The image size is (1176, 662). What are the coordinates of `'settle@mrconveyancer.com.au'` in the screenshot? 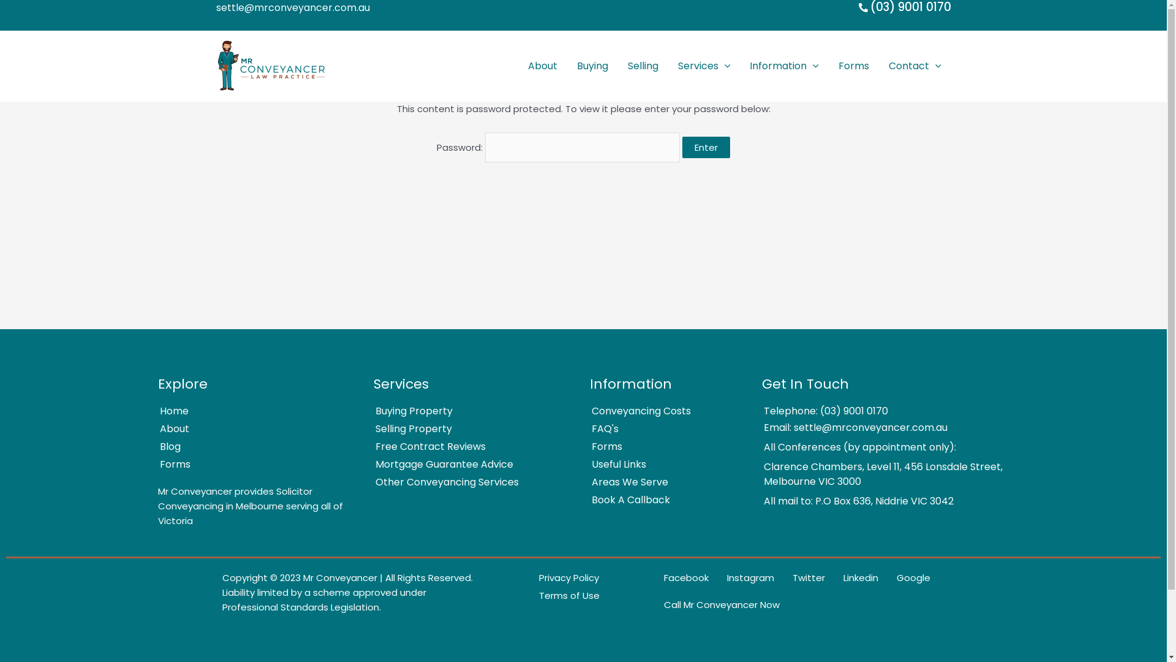 It's located at (292, 7).